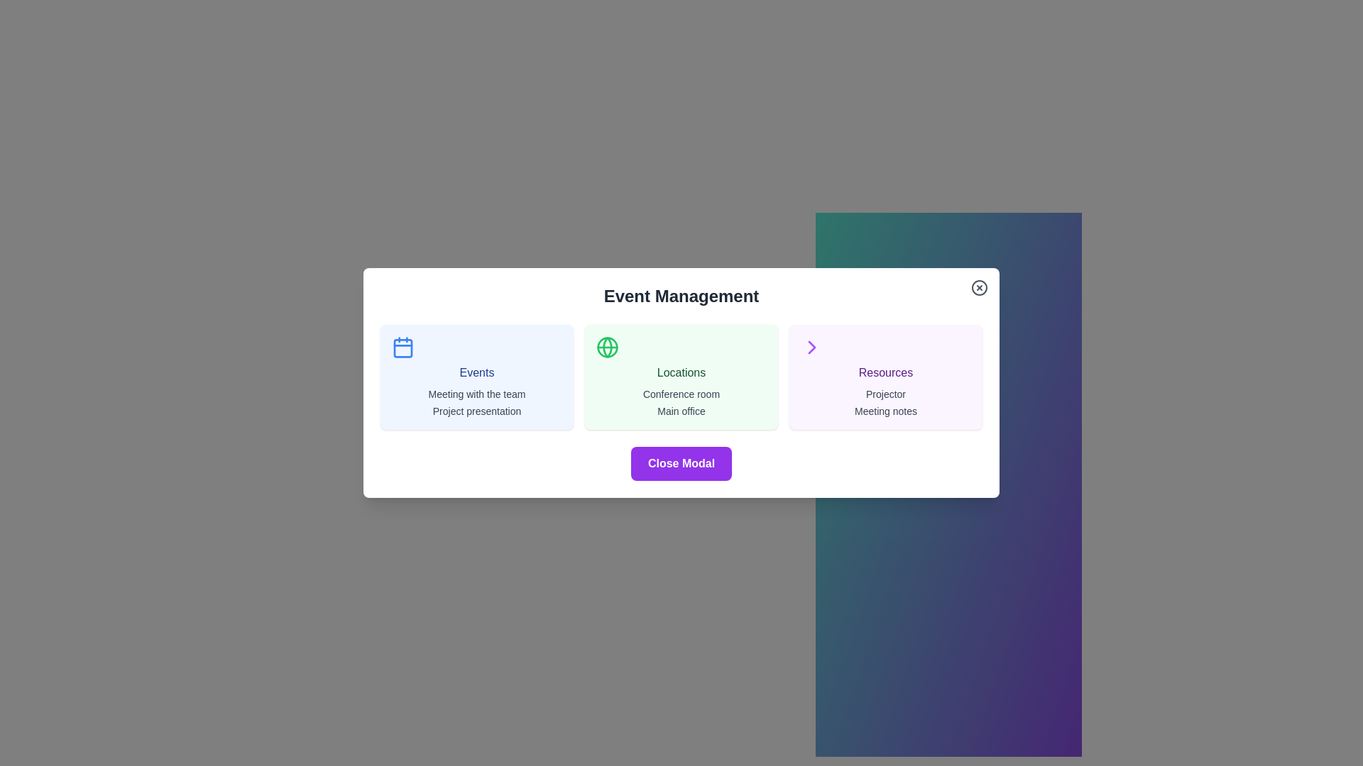  What do you see at coordinates (885, 394) in the screenshot?
I see `the static text label 'Projector' located in the 'Resources' section of the modal, which is the top entry above 'Meeting notes'` at bounding box center [885, 394].